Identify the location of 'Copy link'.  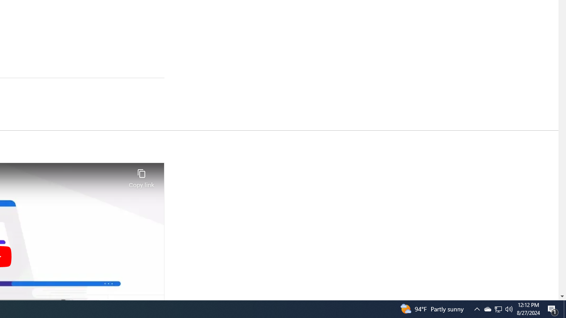
(141, 176).